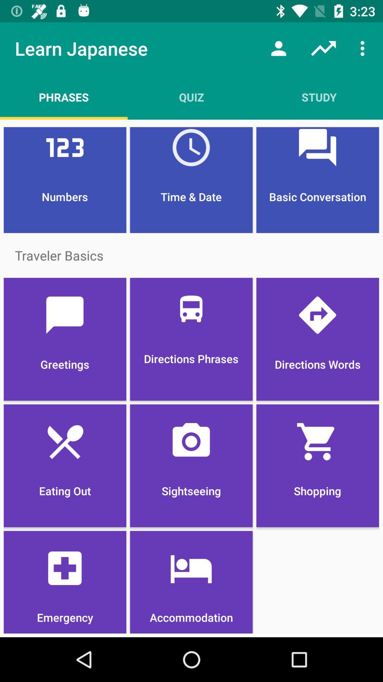  I want to click on app to the right of the phrases icon, so click(191, 97).